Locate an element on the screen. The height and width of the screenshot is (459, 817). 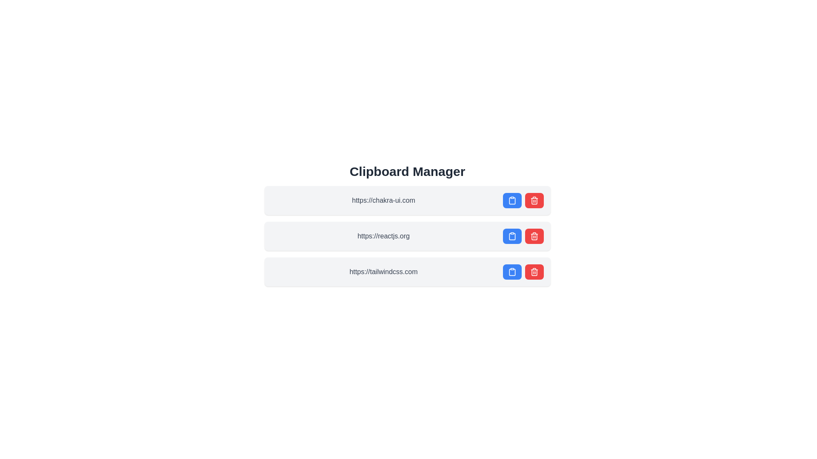
the delete icon located at the right end of the second row of clipboard items is located at coordinates (534, 236).